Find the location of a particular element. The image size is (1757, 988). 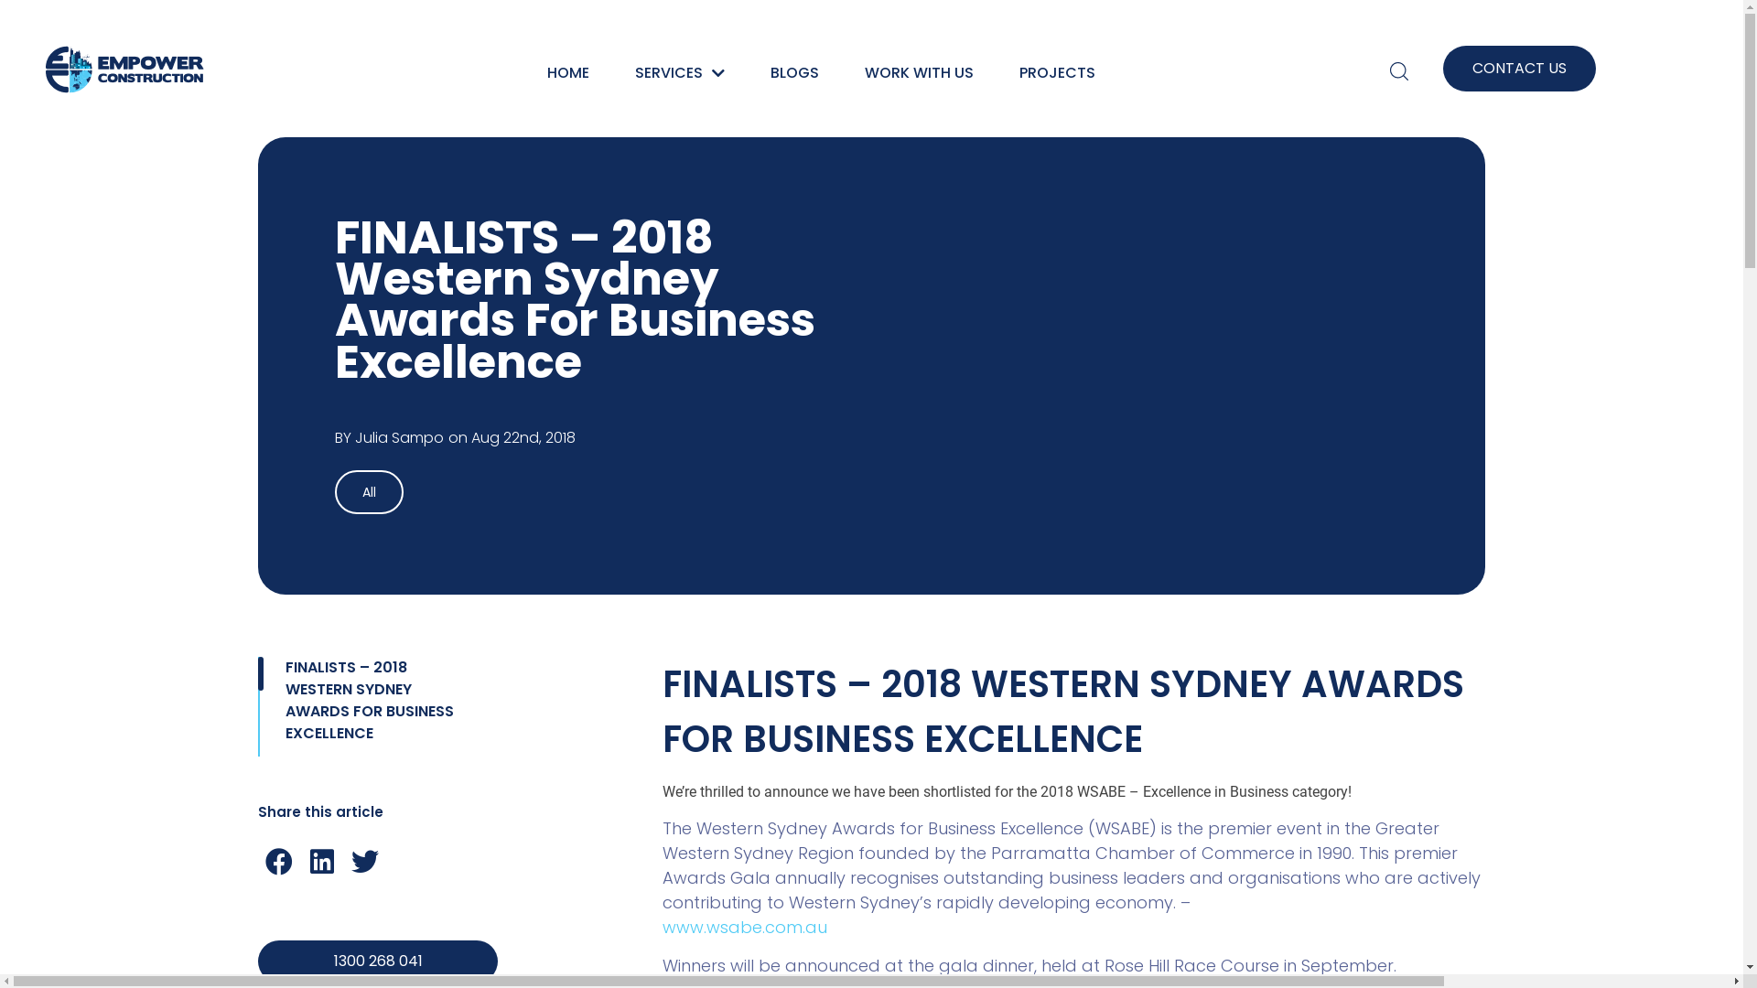

'BLOGS' is located at coordinates (794, 70).